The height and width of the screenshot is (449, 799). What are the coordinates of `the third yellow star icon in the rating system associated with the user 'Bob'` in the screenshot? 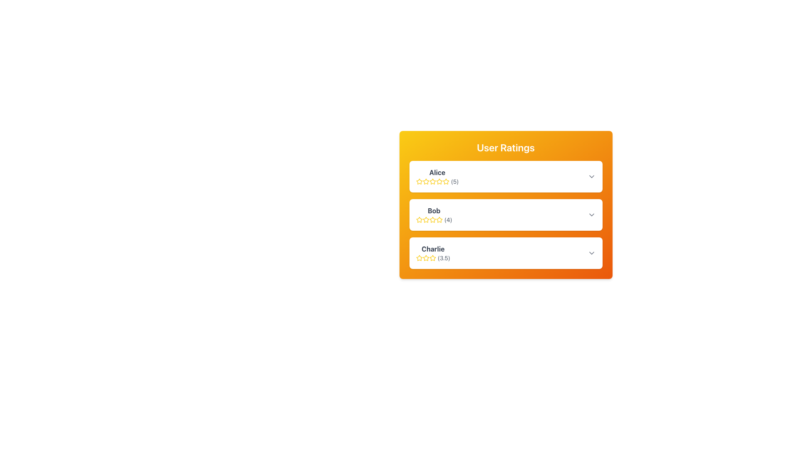 It's located at (426, 219).